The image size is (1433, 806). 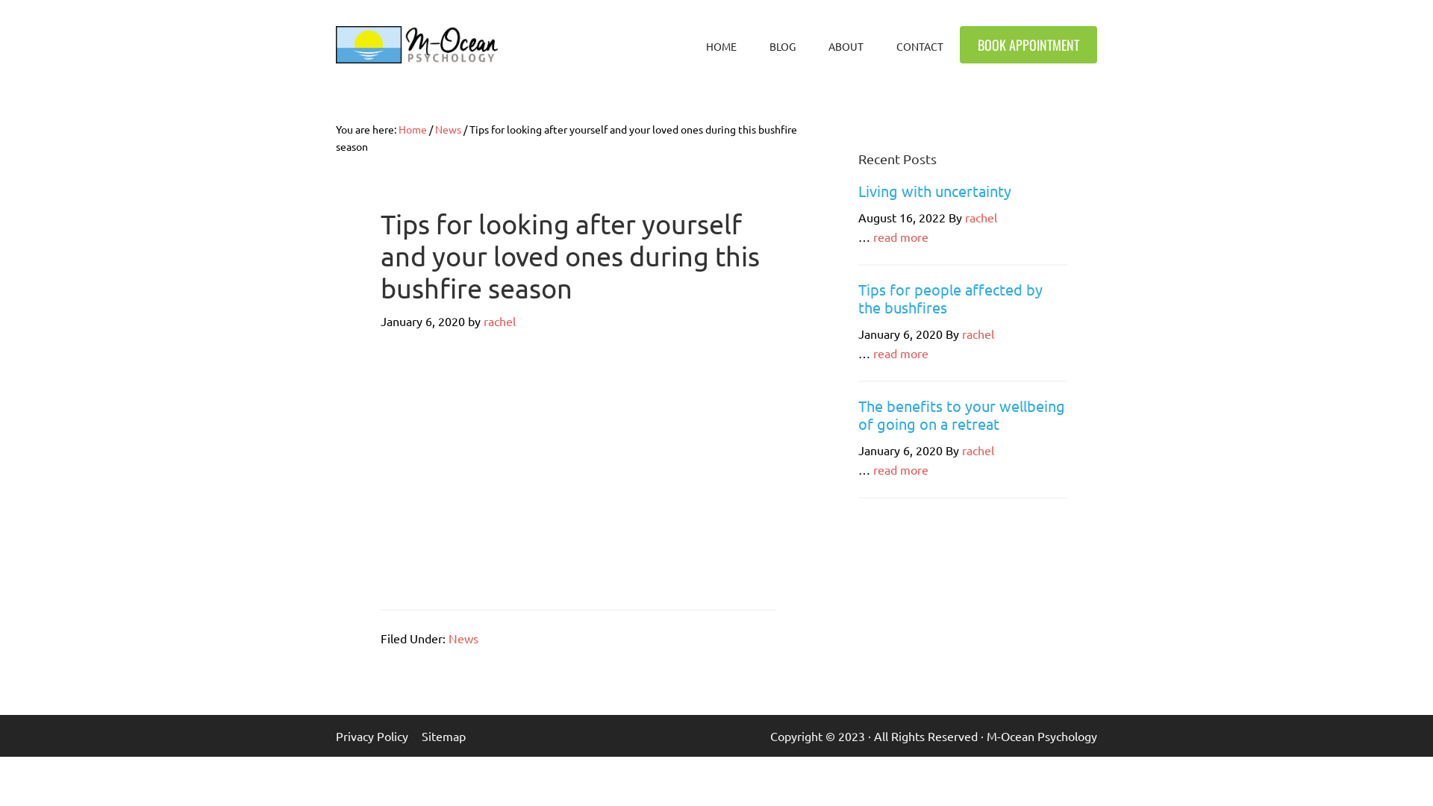 I want to click on 'rachel', so click(x=981, y=216).